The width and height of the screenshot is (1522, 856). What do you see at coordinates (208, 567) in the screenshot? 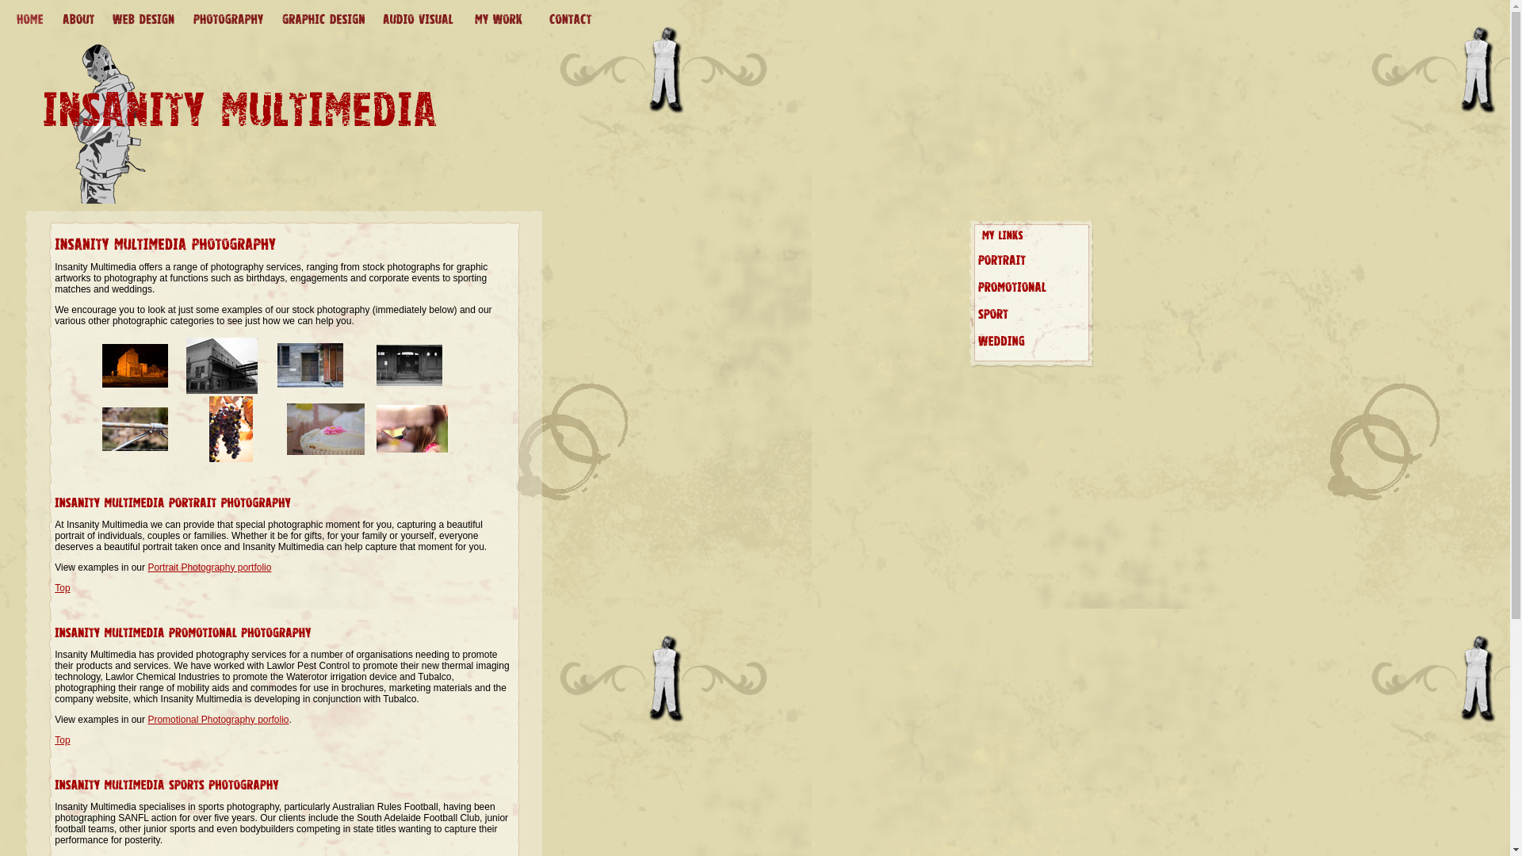
I see `'Portrait Photography portfolio'` at bounding box center [208, 567].